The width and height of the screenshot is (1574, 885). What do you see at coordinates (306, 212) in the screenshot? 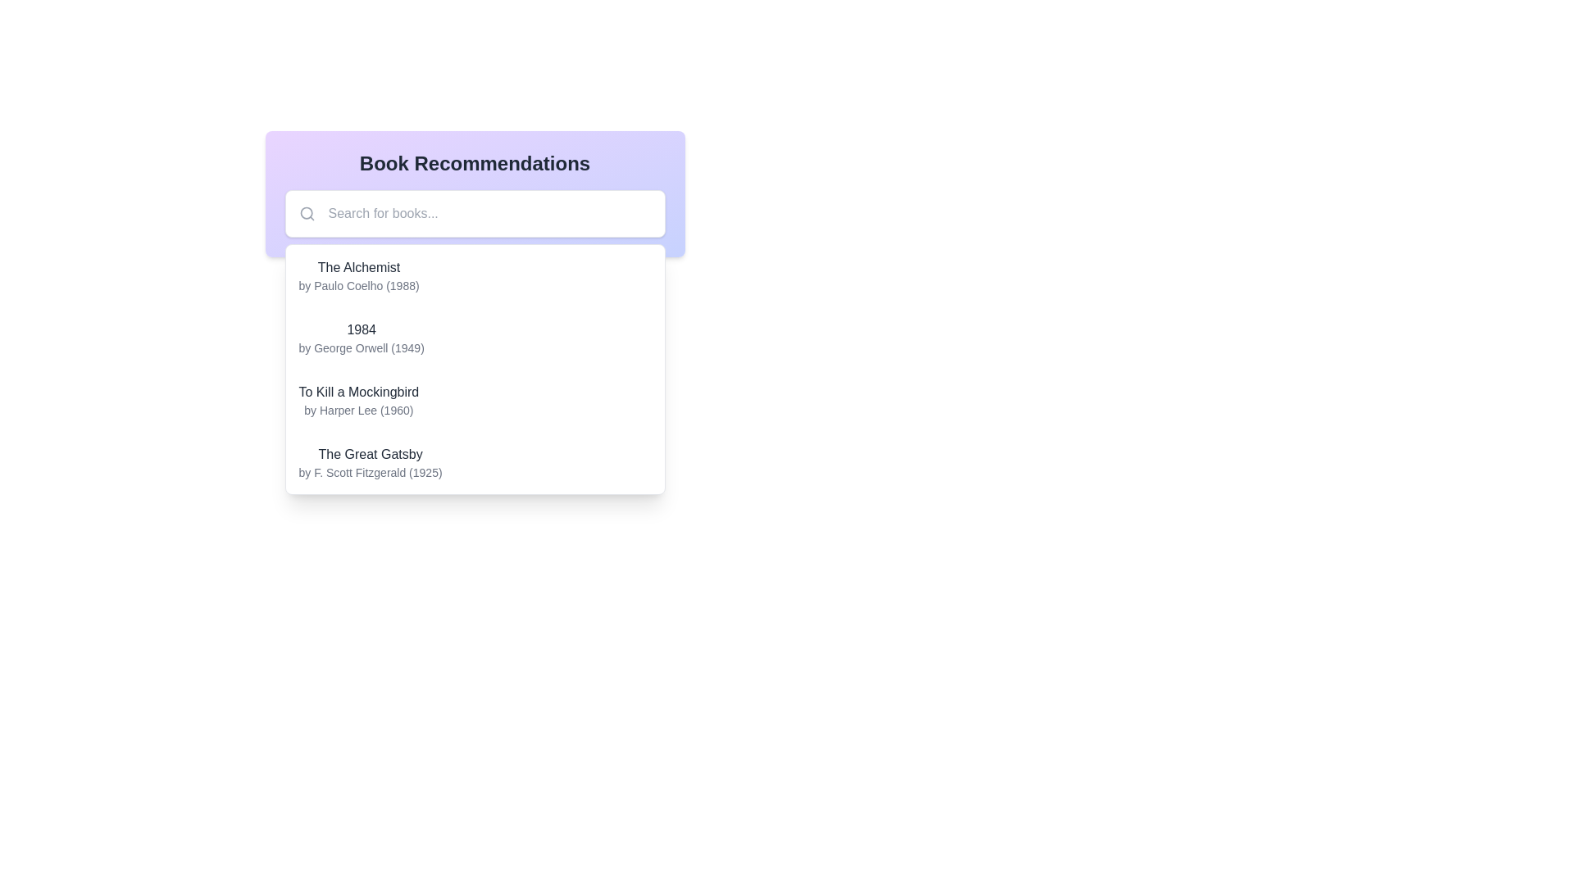
I see `the circular magnifying glass icon located on the left side of the search bar in the book recommendation interface` at bounding box center [306, 212].